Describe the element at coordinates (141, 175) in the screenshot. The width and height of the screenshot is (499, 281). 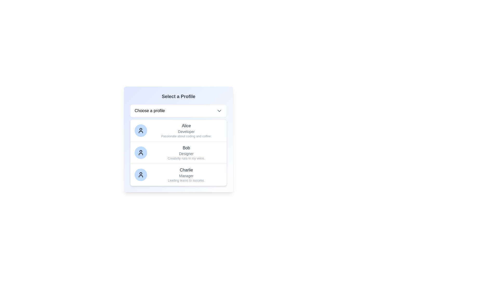
I see `the user profile icon located to the left of the list item displaying 'Charlie', 'Manager', and 'Leading teams to success.', which is the third item in the vertical list` at that location.